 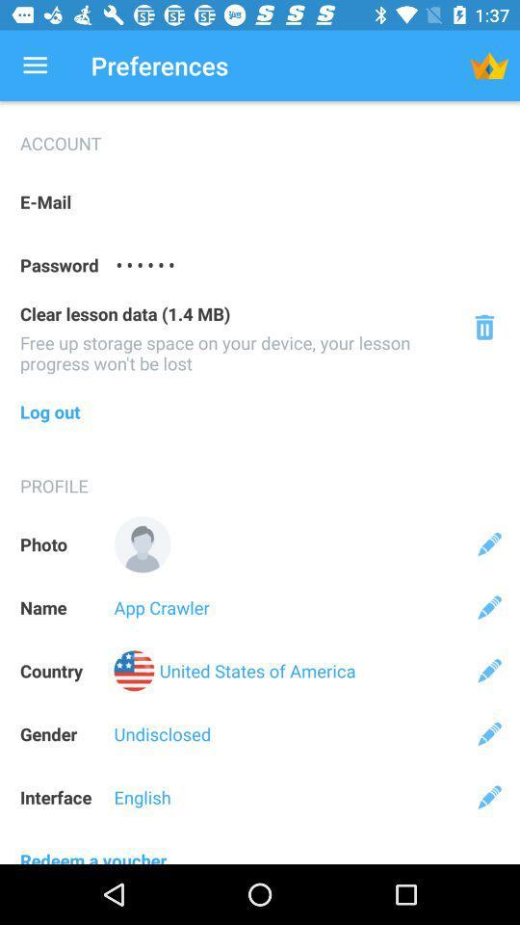 I want to click on the icon next to english icon, so click(x=489, y=797).